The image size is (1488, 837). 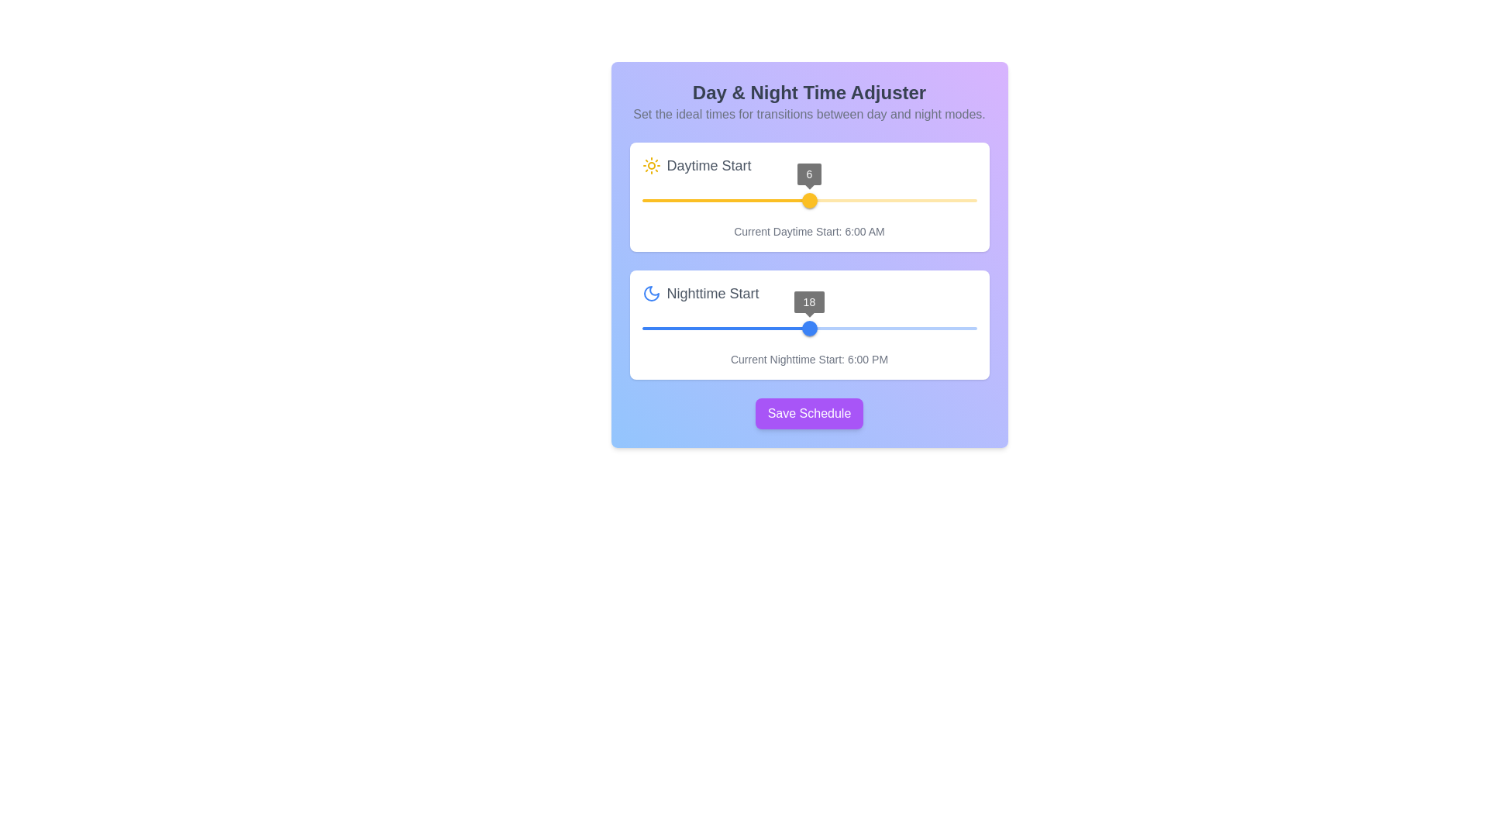 I want to click on nighttime start hour, so click(x=725, y=328).